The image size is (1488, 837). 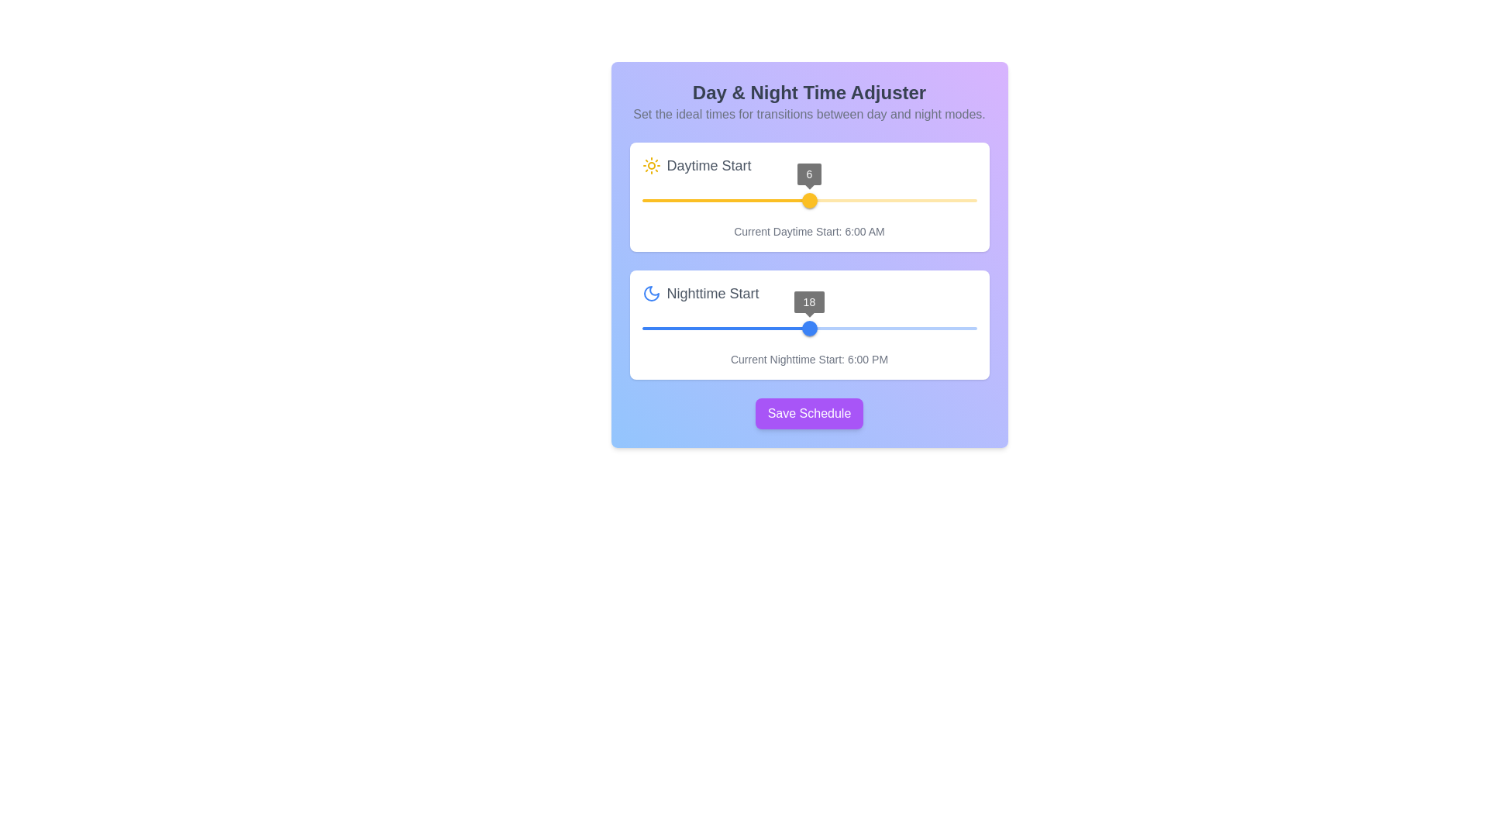 I want to click on nighttime start hour, so click(x=725, y=328).